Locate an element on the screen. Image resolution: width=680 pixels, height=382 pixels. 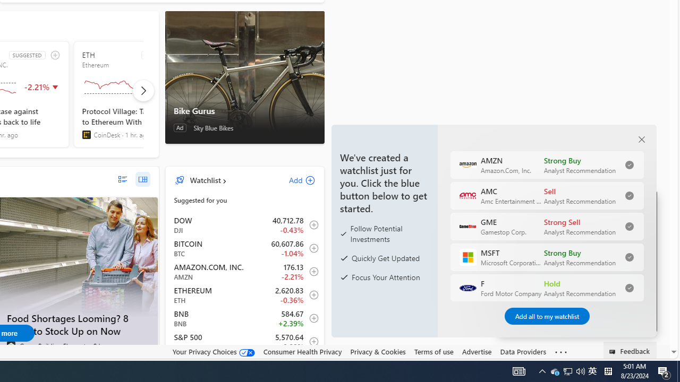
'ETH SUGGESTED Ethereum' is located at coordinates (137, 94).